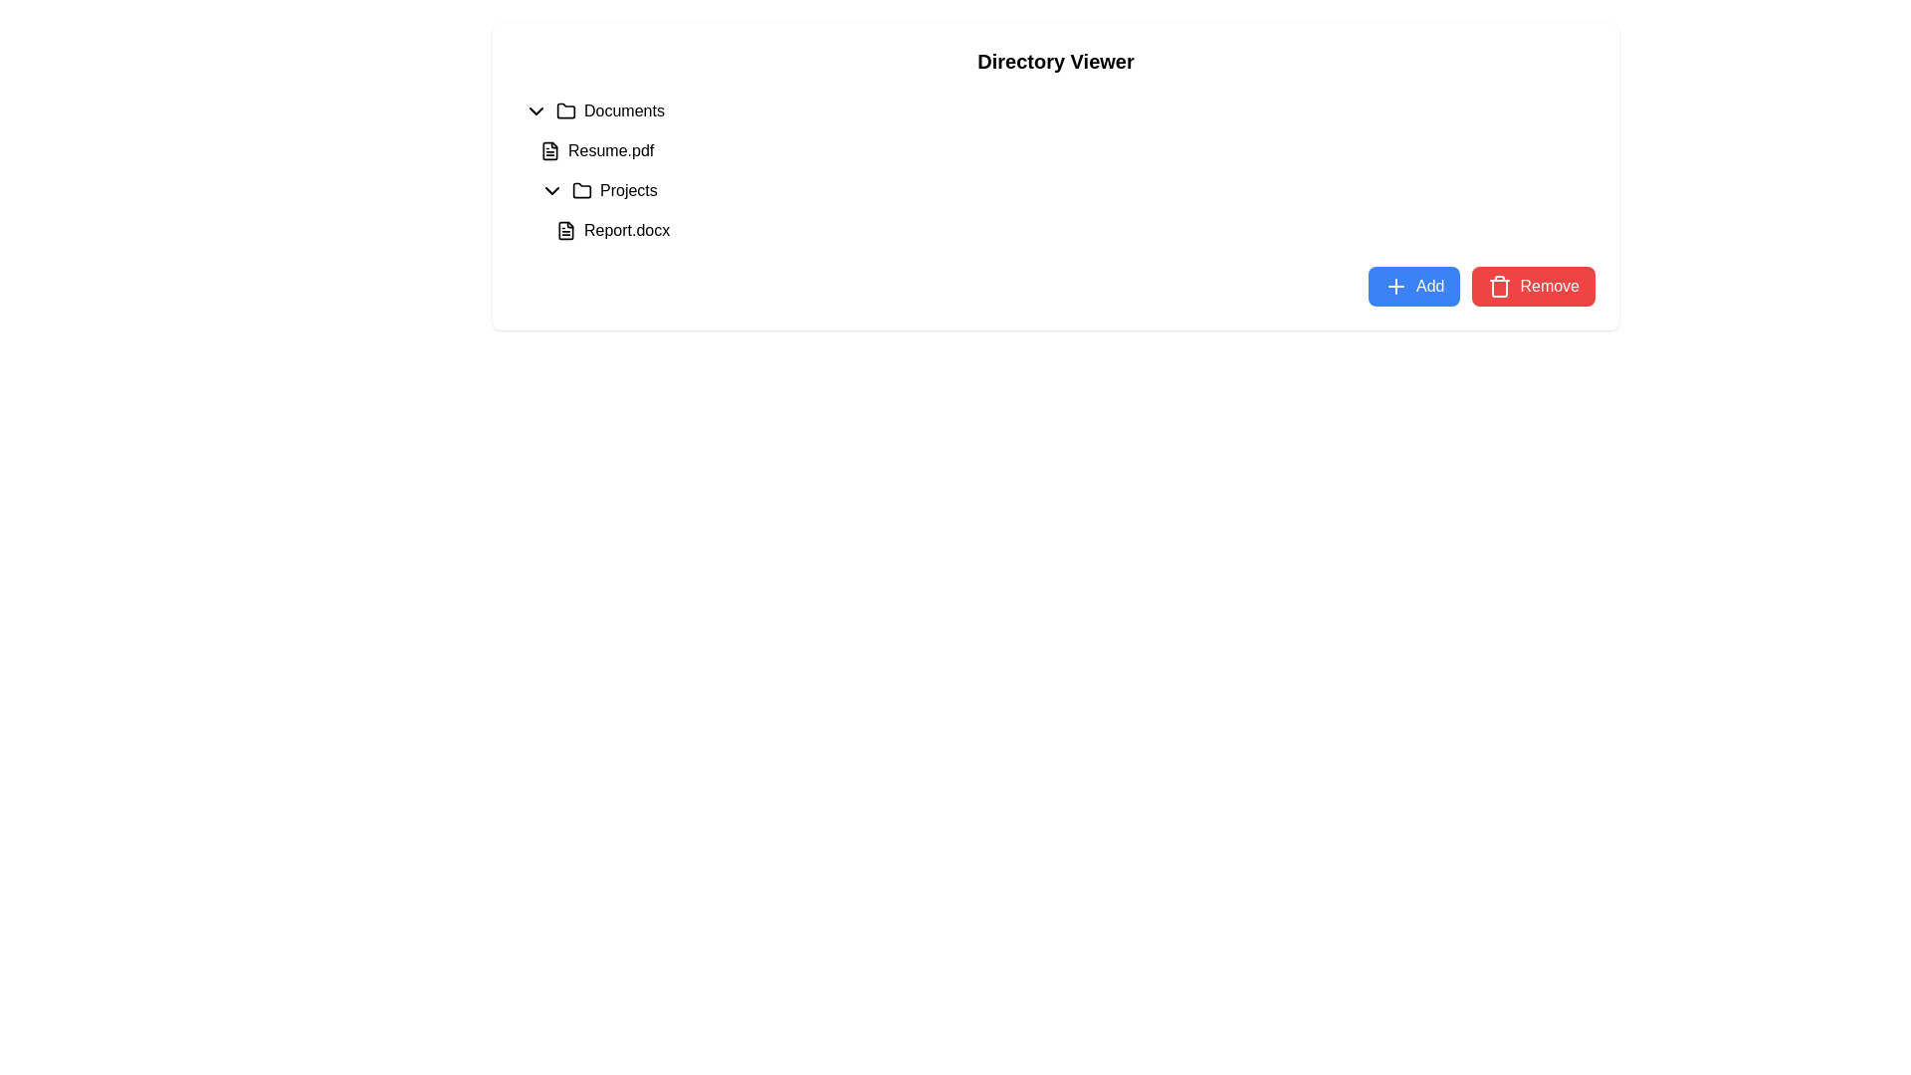 The height and width of the screenshot is (1075, 1911). Describe the element at coordinates (1500, 288) in the screenshot. I see `the decorative icon component of the trash can, which is situated below the lid line and above the base of the icon, located next to the red 'Remove' button` at that location.